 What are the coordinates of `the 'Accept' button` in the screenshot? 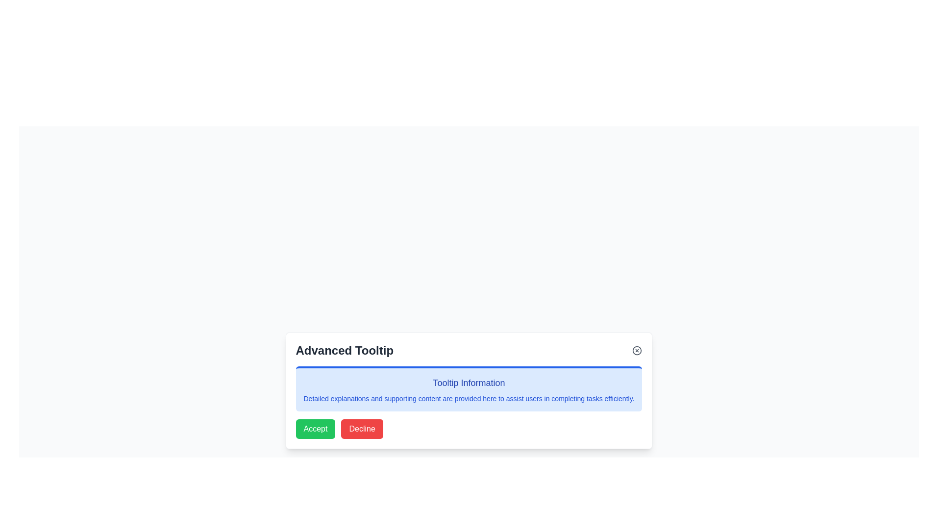 It's located at (315, 428).